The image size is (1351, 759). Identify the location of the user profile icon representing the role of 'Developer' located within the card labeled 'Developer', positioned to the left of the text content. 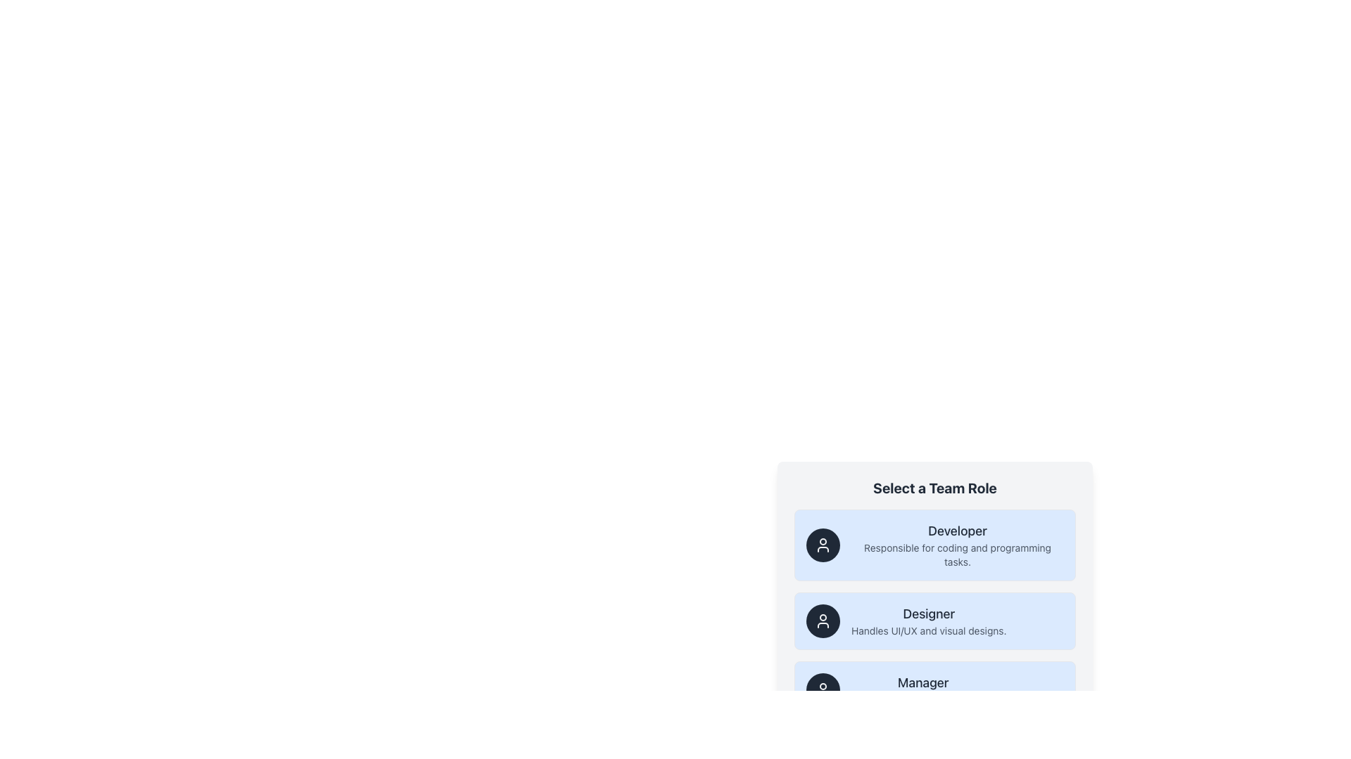
(823, 544).